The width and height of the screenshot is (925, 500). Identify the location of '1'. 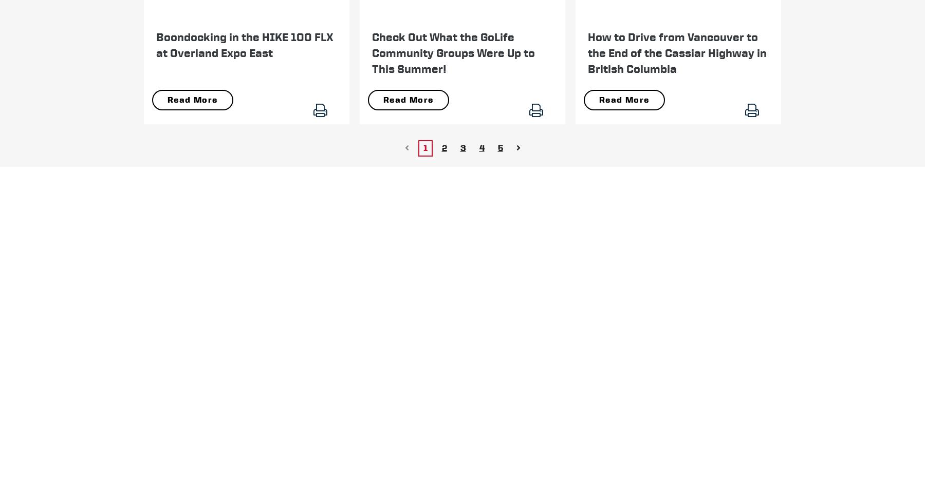
(424, 147).